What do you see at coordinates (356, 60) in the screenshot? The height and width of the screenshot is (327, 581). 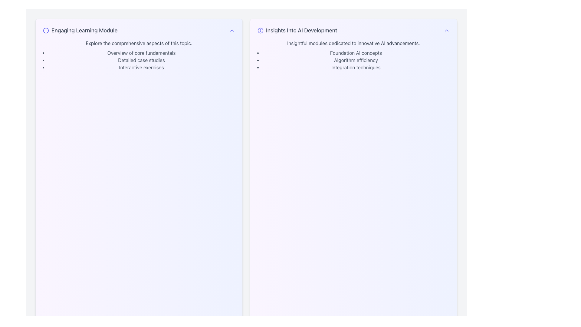 I see `the List element styled with bullets that is located in the panel labeled 'Insights Into AI Development', positioned below the descriptive text 'Insightful modules dedicated to innovative AI advancements'` at bounding box center [356, 60].